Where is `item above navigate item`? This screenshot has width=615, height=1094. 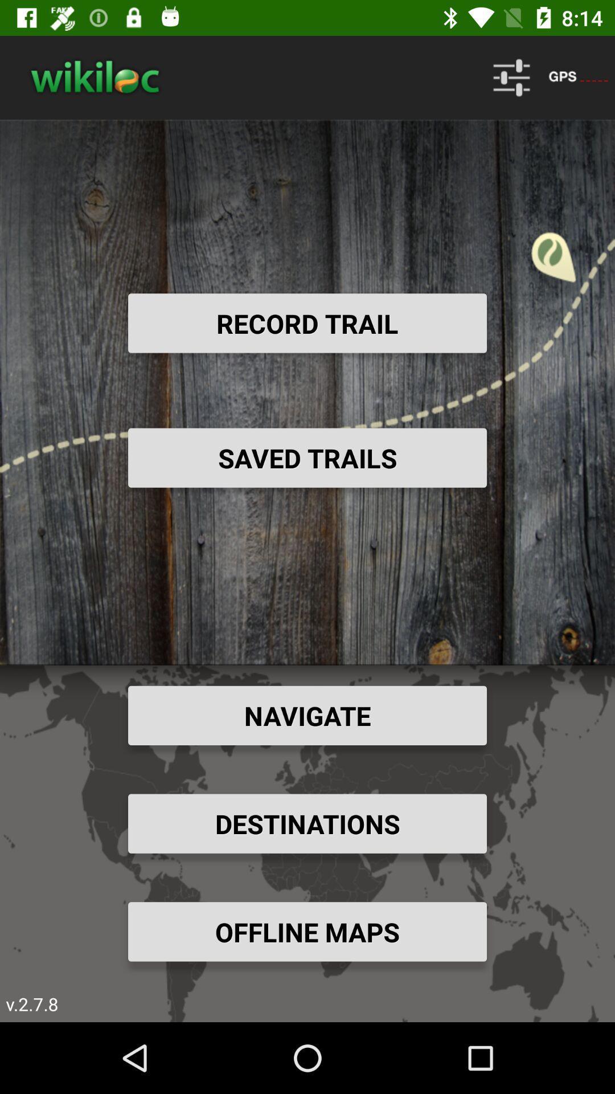 item above navigate item is located at coordinates (307, 458).